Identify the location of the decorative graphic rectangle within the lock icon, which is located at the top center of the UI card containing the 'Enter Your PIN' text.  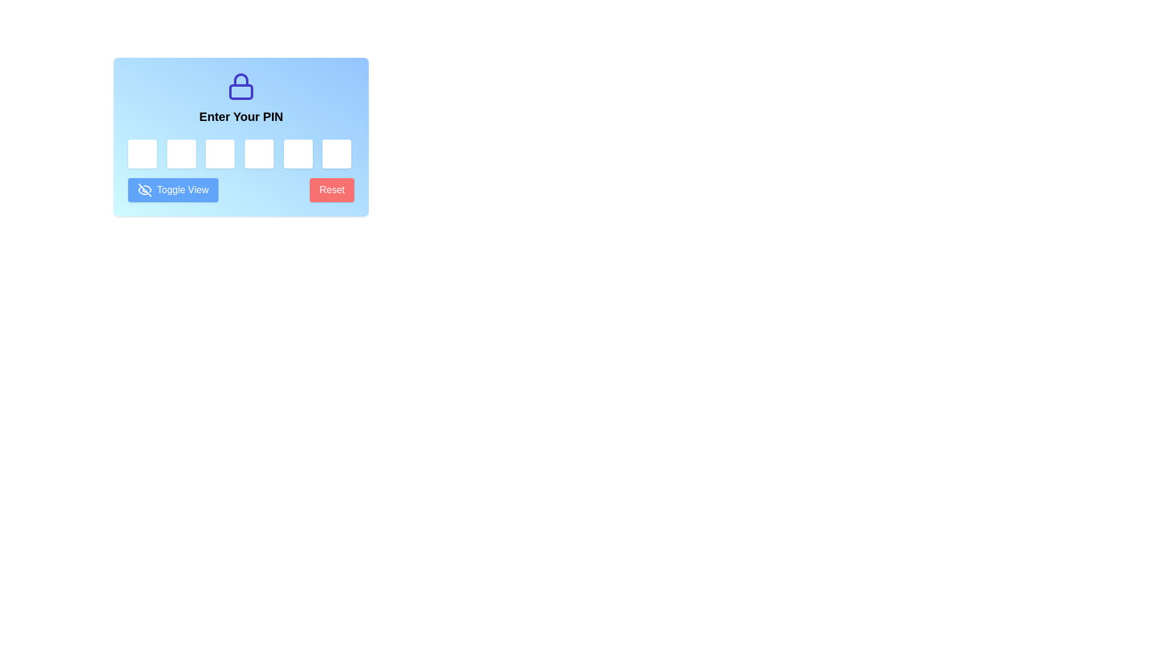
(241, 91).